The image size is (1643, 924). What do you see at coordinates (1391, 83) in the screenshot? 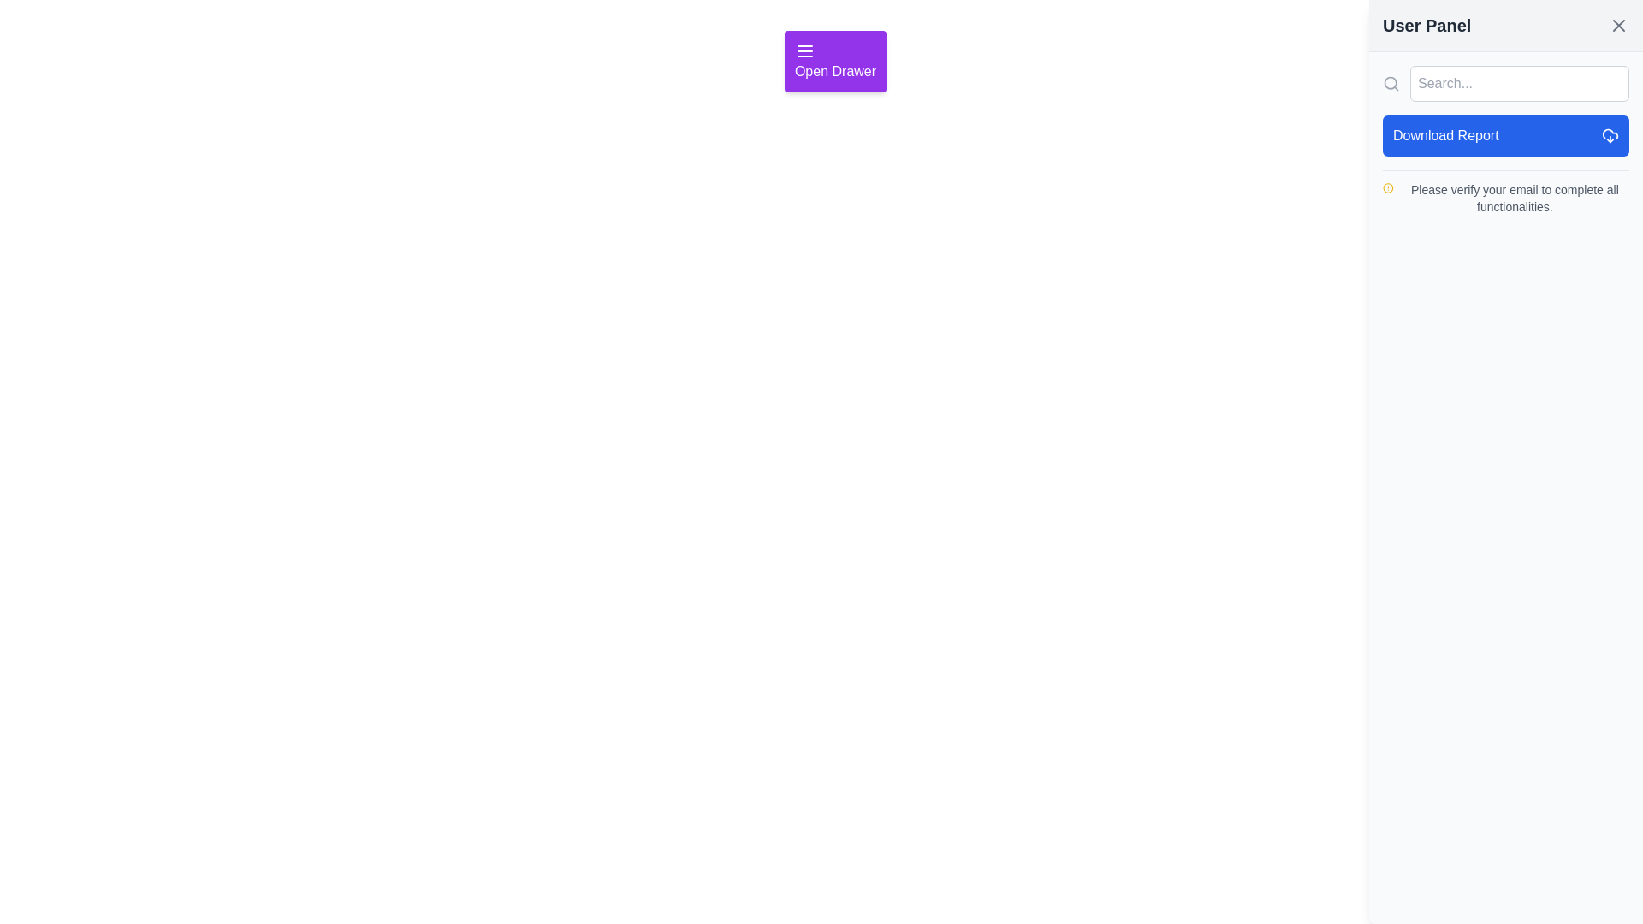
I see `the search icon located to the far left of the horizontal group of elements in the User Panel, next to the search text input field` at bounding box center [1391, 83].